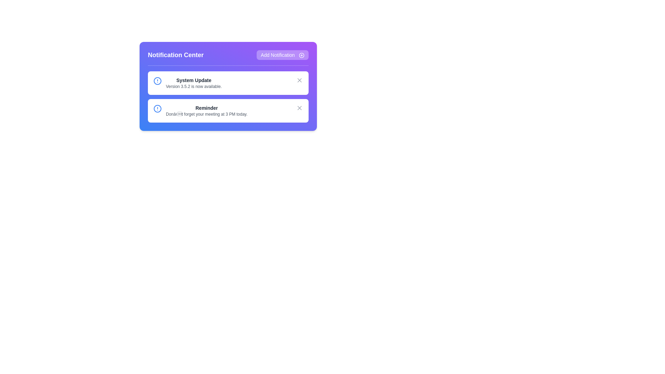 Image resolution: width=665 pixels, height=374 pixels. I want to click on the static text element that serves as the title of the notification card, located above the text 'Don’t forget your meeting at 3 PM today.', so click(206, 108).